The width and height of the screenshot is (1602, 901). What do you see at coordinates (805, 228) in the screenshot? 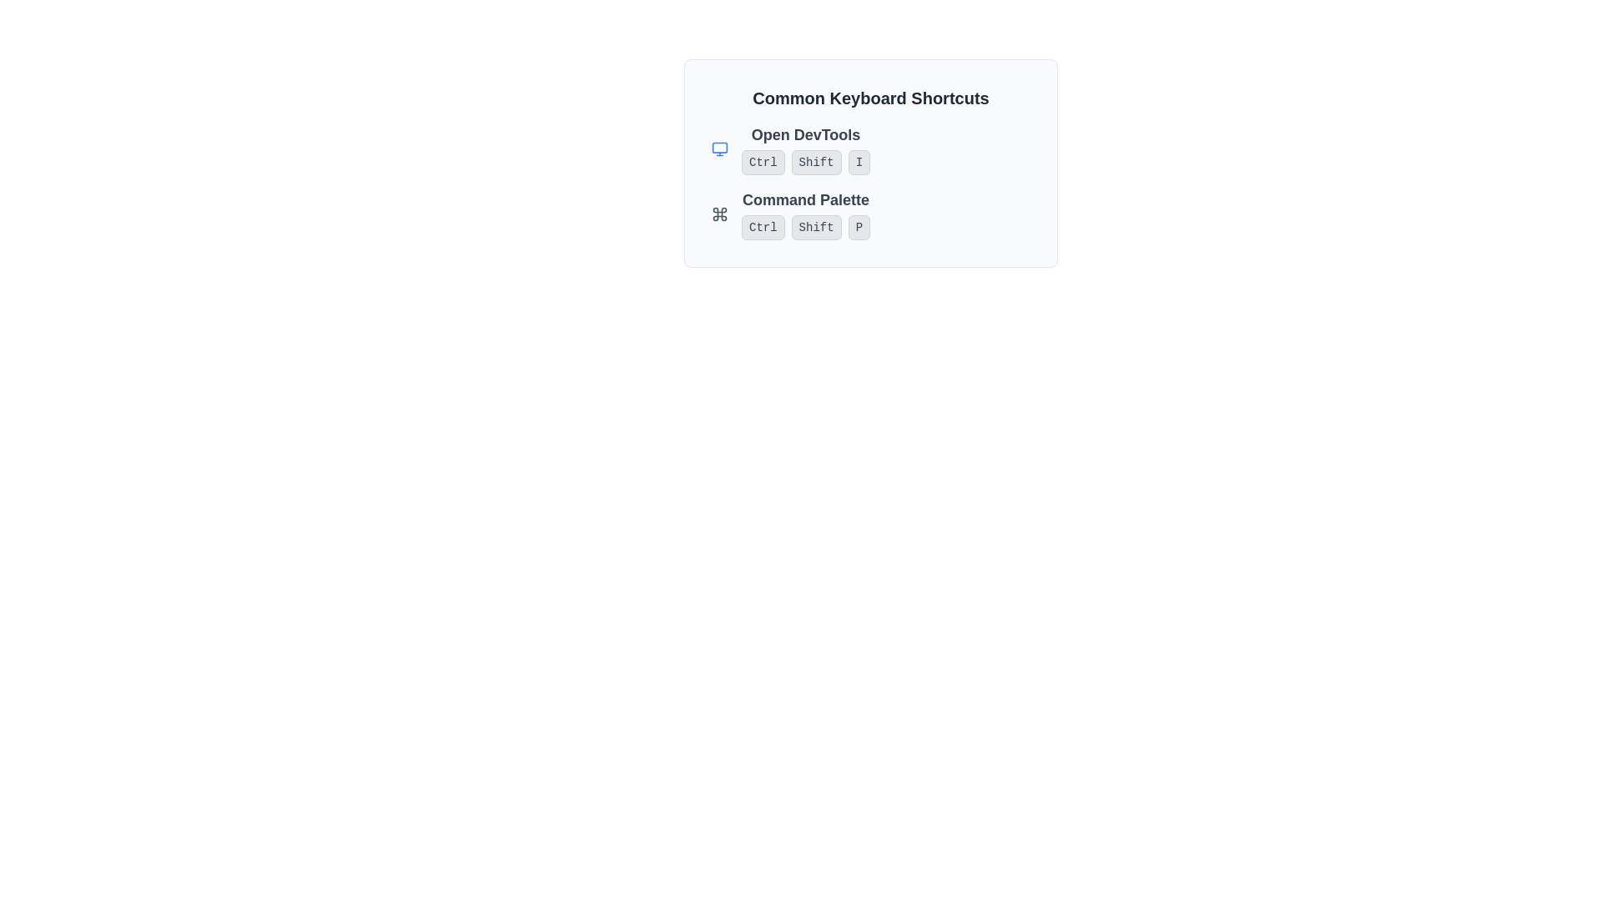
I see `the grouped buttons representing the keyboard shortcut (Ctrl + Shift + P) located under 'Command Palette' in the 'Common Keyboard Shortcuts' panel` at bounding box center [805, 228].